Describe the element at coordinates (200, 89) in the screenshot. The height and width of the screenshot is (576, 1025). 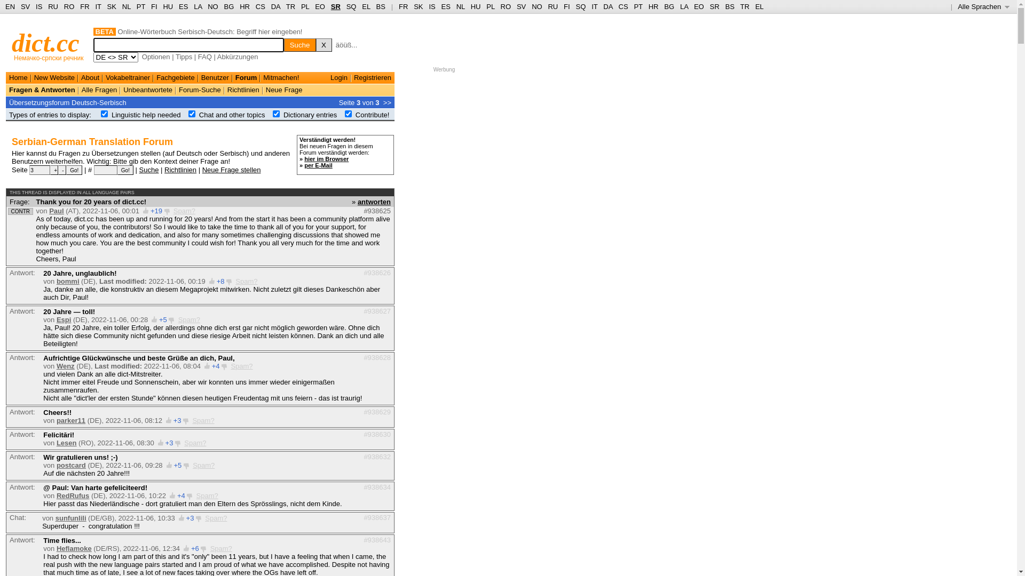
I see `'Forum-Suche'` at that location.